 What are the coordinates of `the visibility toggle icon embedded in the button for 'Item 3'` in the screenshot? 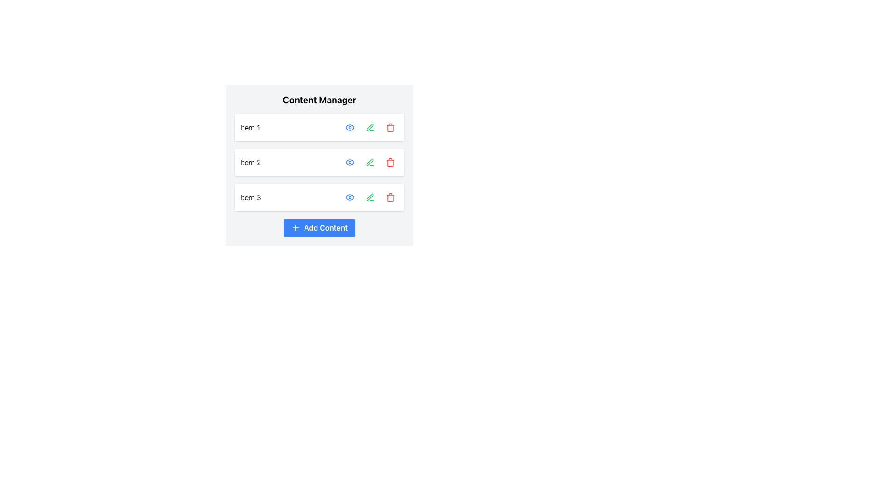 It's located at (350, 197).